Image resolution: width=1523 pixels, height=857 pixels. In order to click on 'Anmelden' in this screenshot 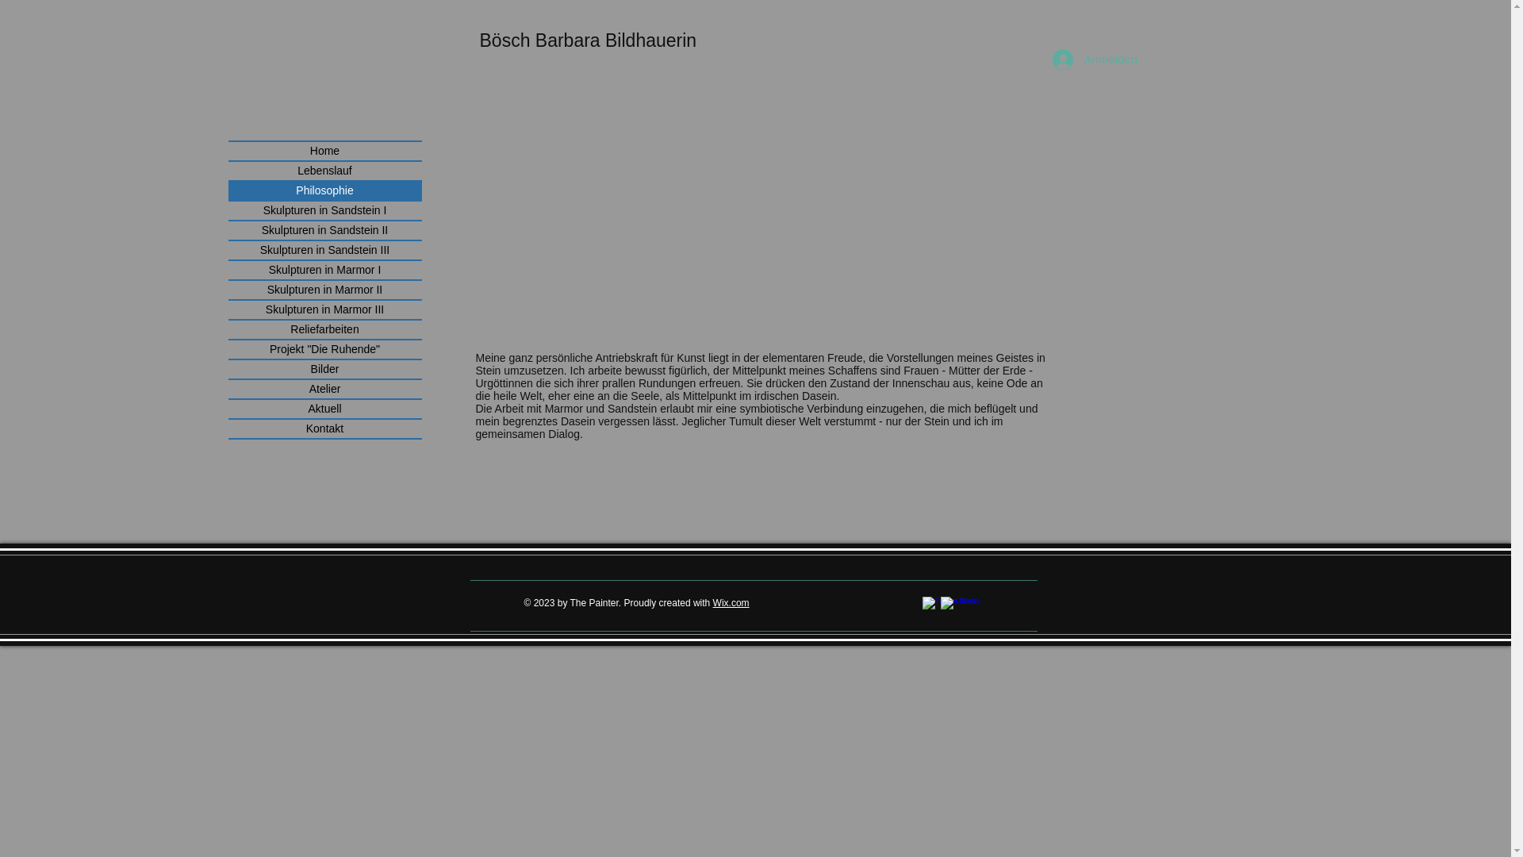, I will do `click(1088, 58)`.